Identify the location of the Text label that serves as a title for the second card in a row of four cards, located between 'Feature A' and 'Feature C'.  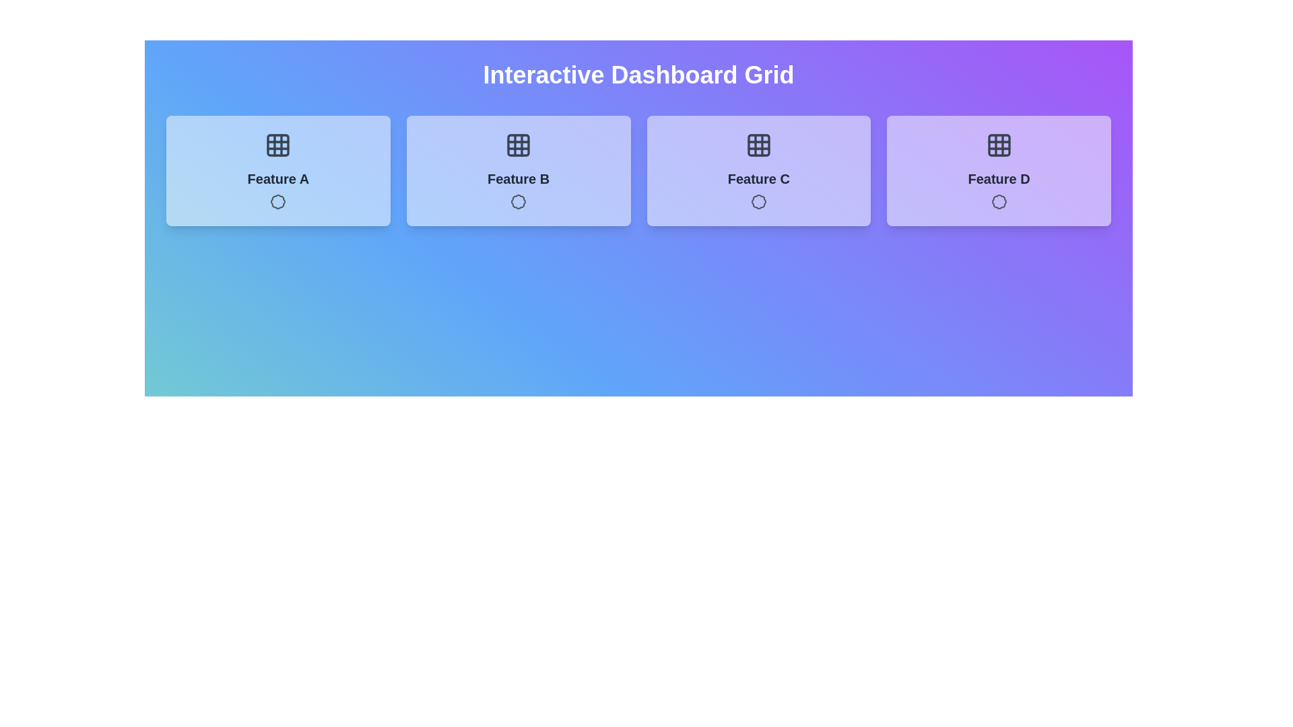
(518, 178).